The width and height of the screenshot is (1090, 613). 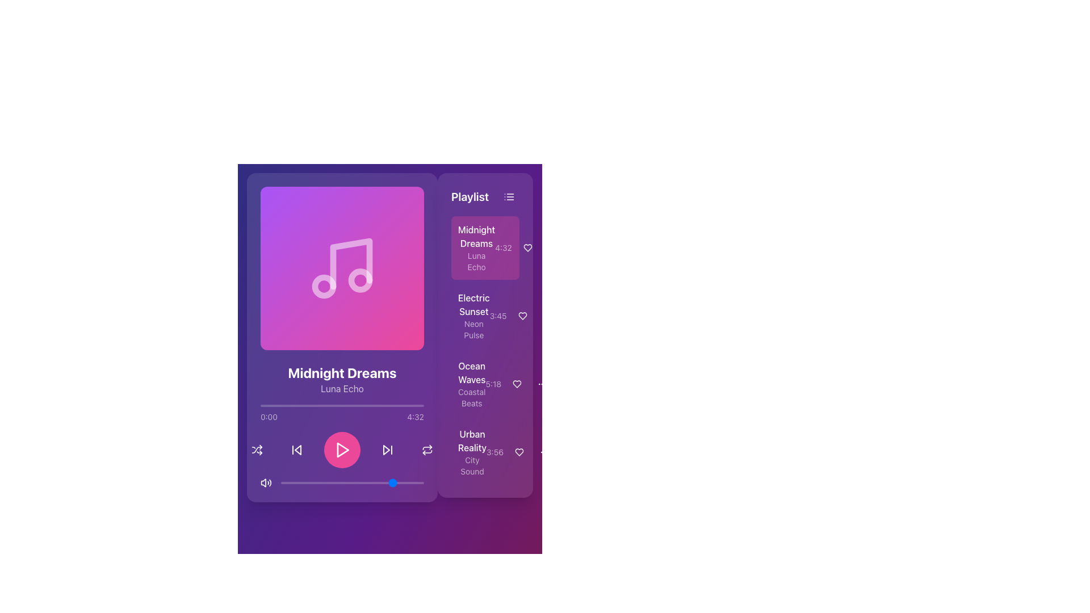 I want to click on the heart-shaped icon representing a 'like' or 'favorite' action in the music playlist interface, so click(x=527, y=247).